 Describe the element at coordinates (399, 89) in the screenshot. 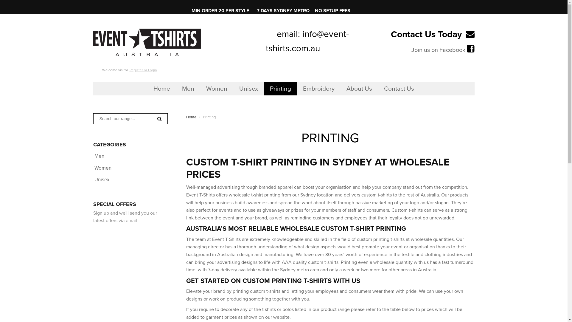

I see `'Contact Us'` at that location.